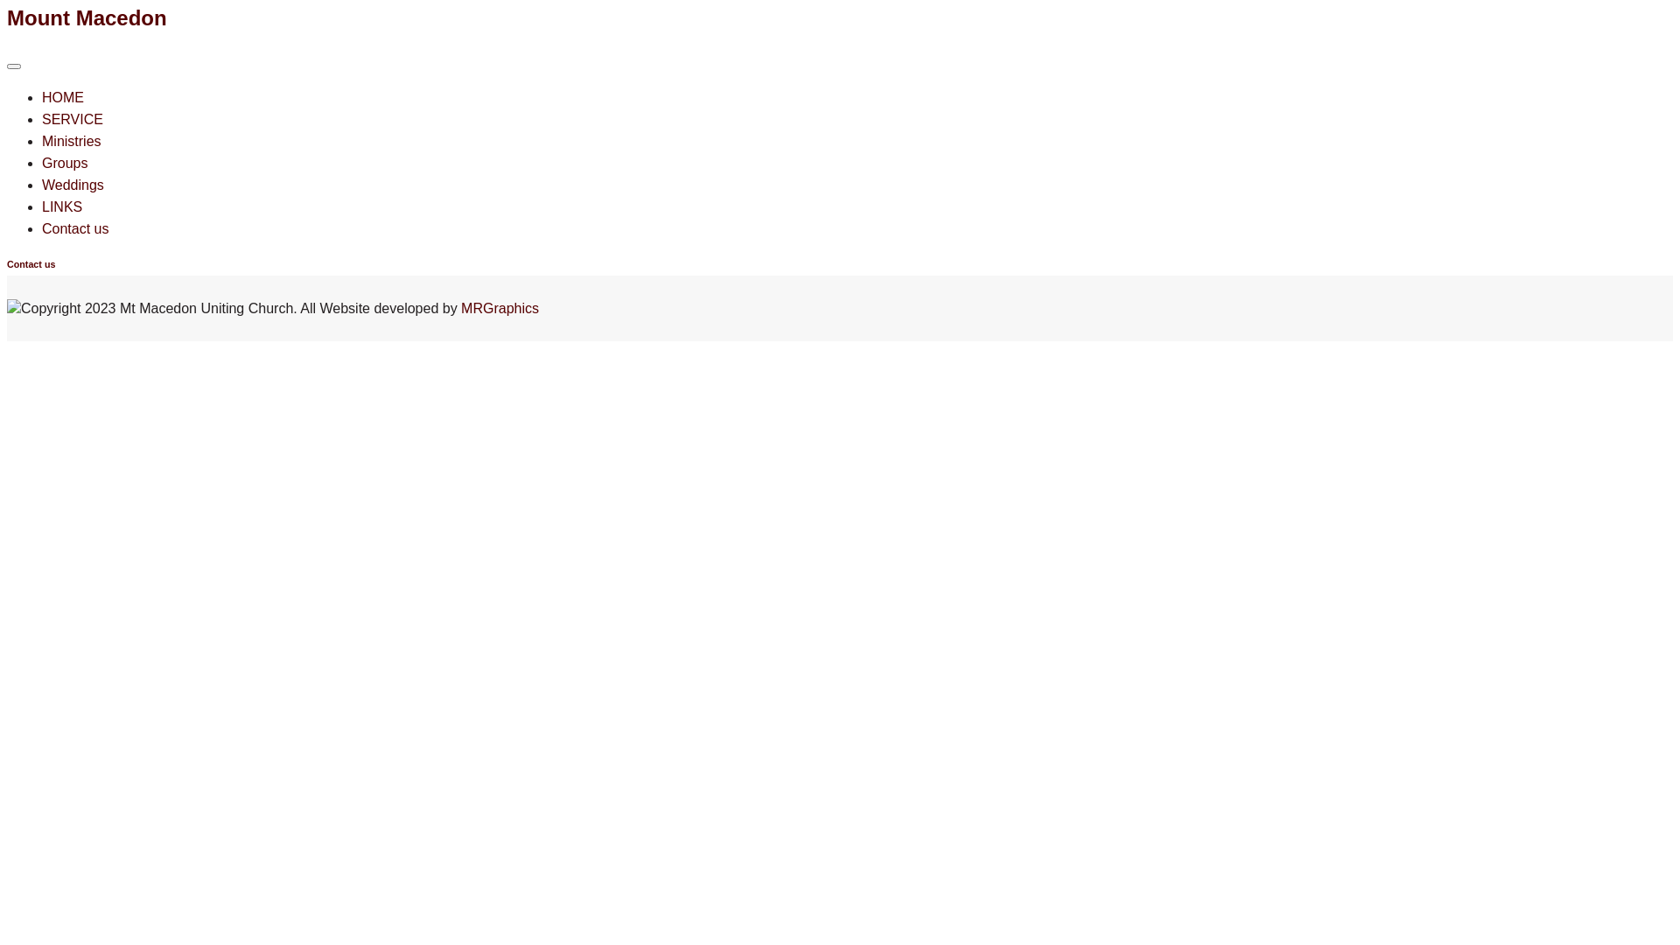 This screenshot has height=945, width=1680. What do you see at coordinates (64, 163) in the screenshot?
I see `'Groups'` at bounding box center [64, 163].